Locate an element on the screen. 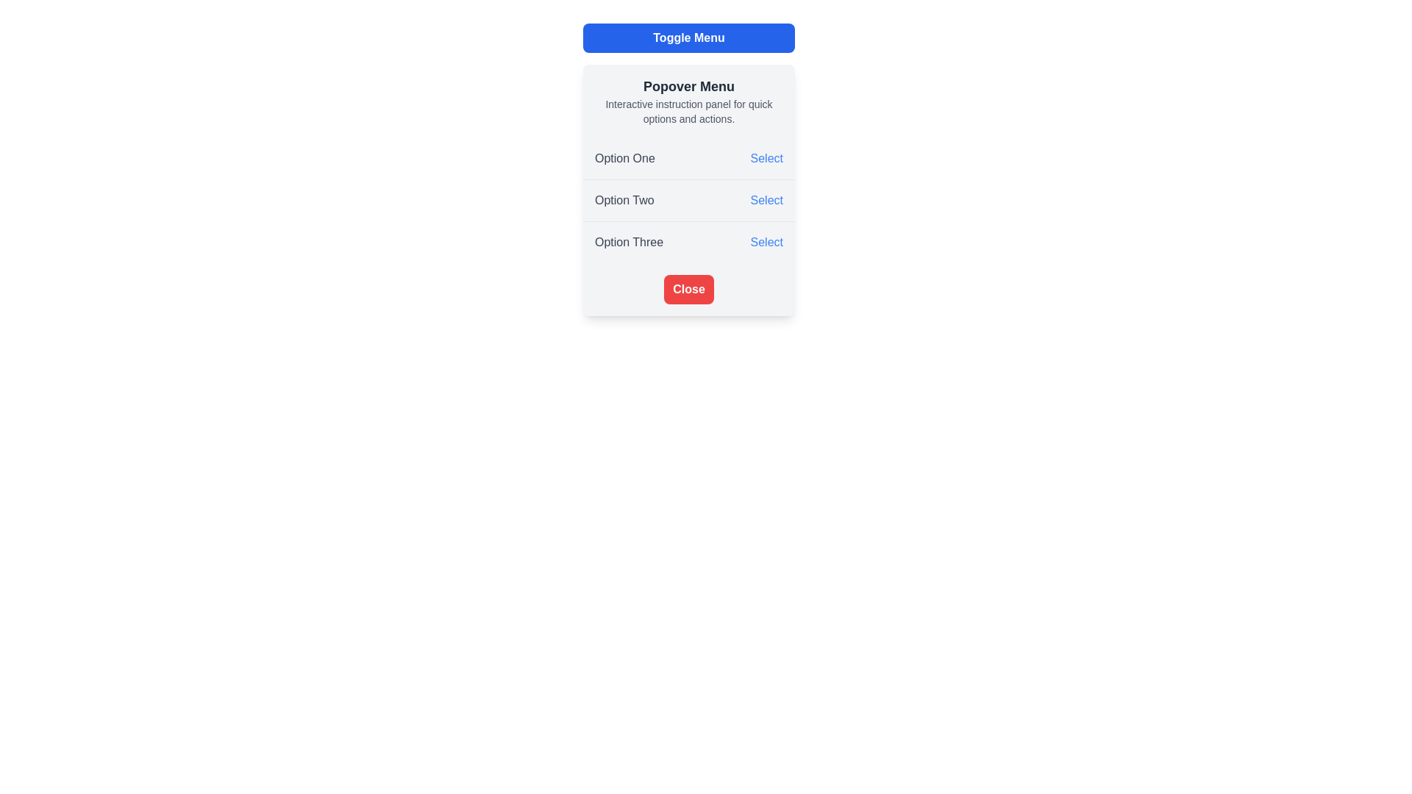  the Informational text block which serves as a header and description for the options in the popover, located centrally at the top below the 'Toggle Menu' button is located at coordinates (688, 101).